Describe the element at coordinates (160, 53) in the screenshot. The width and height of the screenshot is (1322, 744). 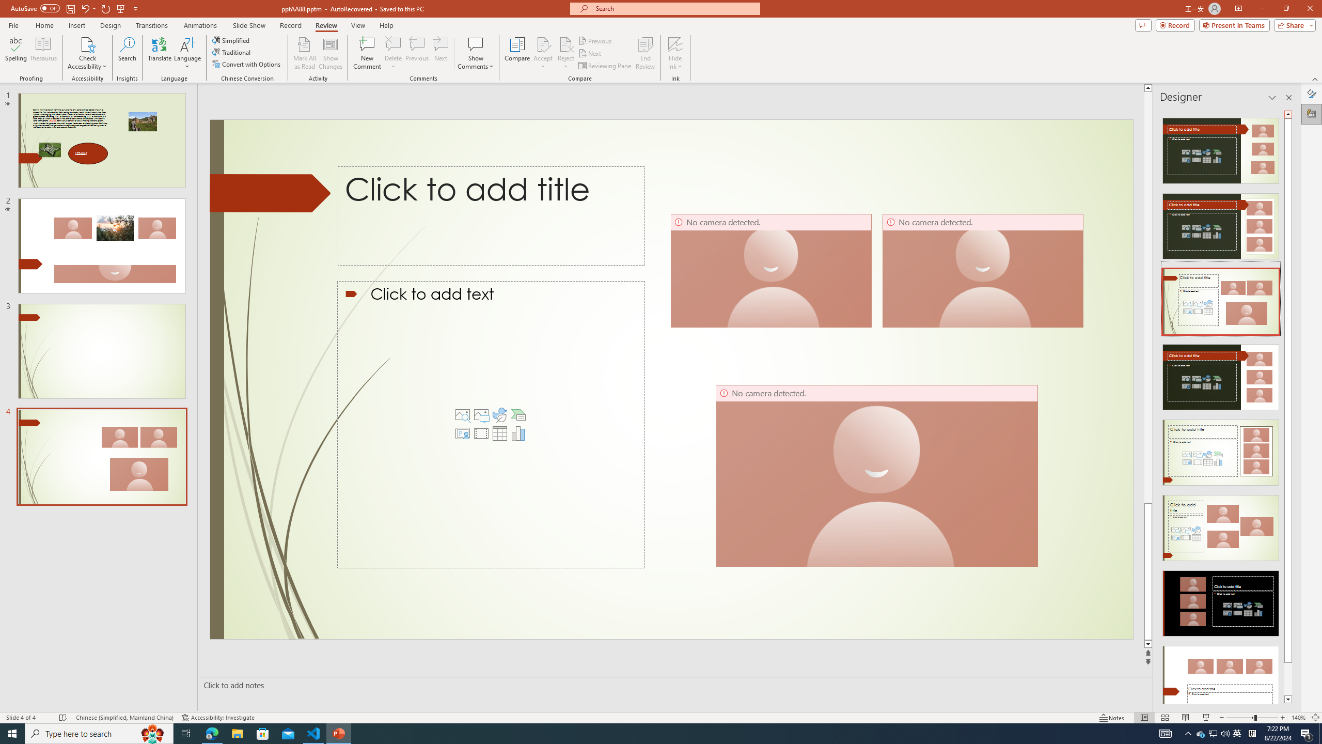
I see `'Translate'` at that location.